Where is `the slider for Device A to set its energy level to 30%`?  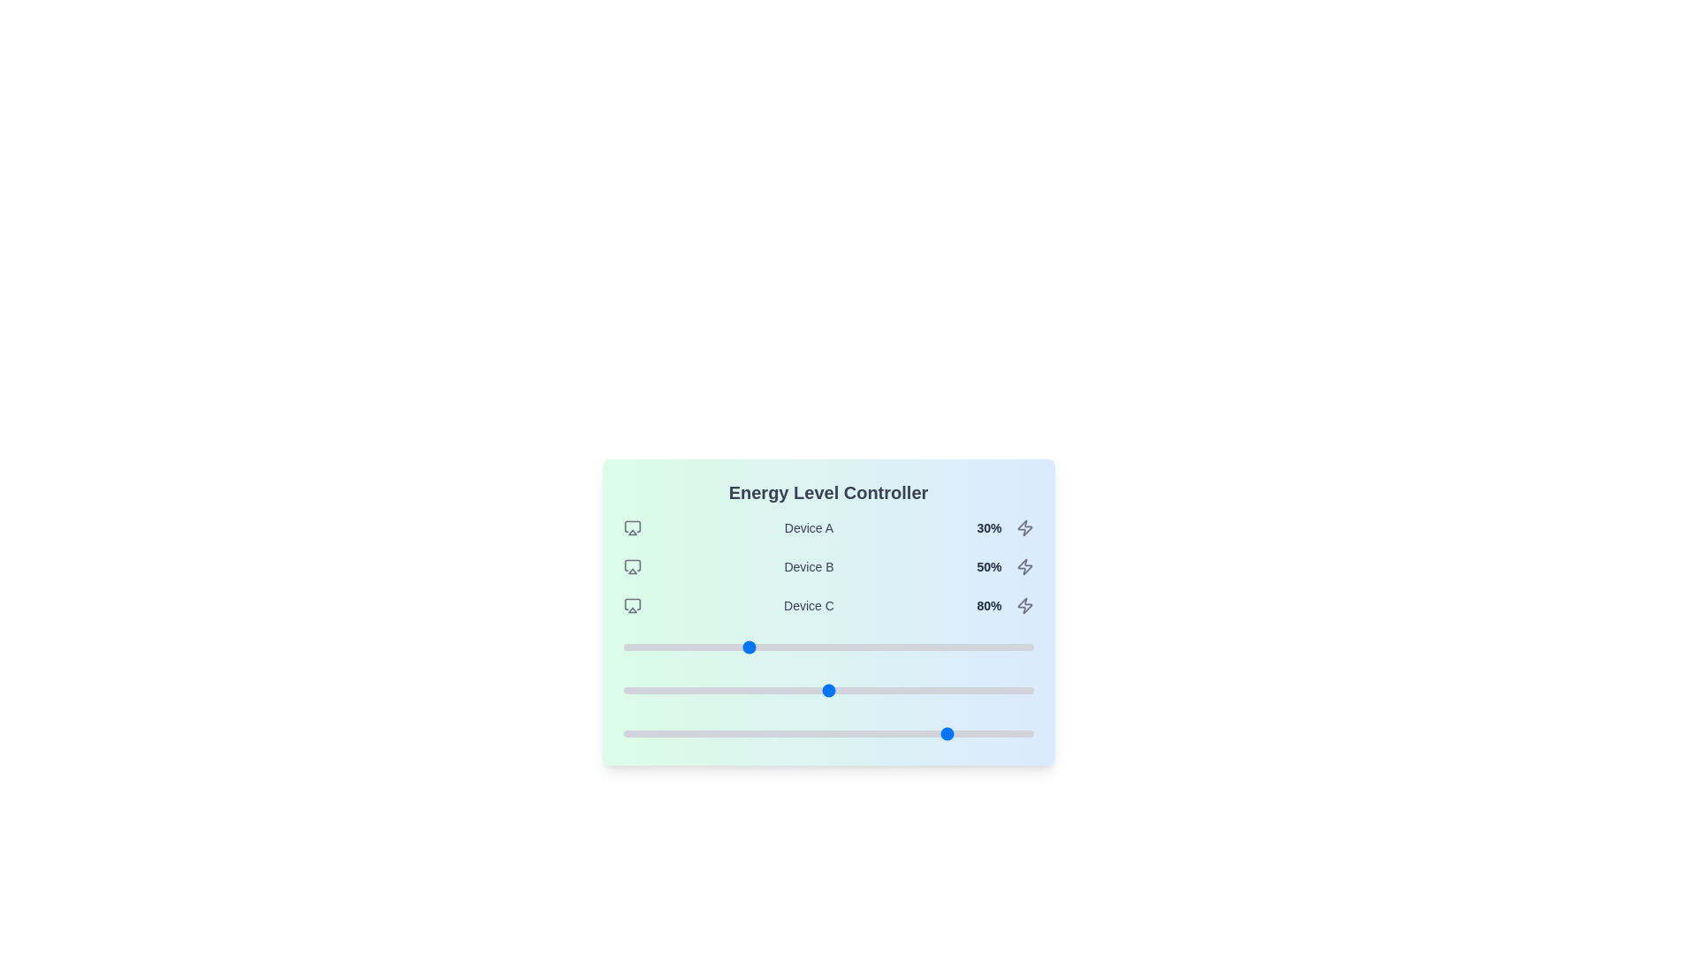 the slider for Device A to set its energy level to 30% is located at coordinates (746, 647).